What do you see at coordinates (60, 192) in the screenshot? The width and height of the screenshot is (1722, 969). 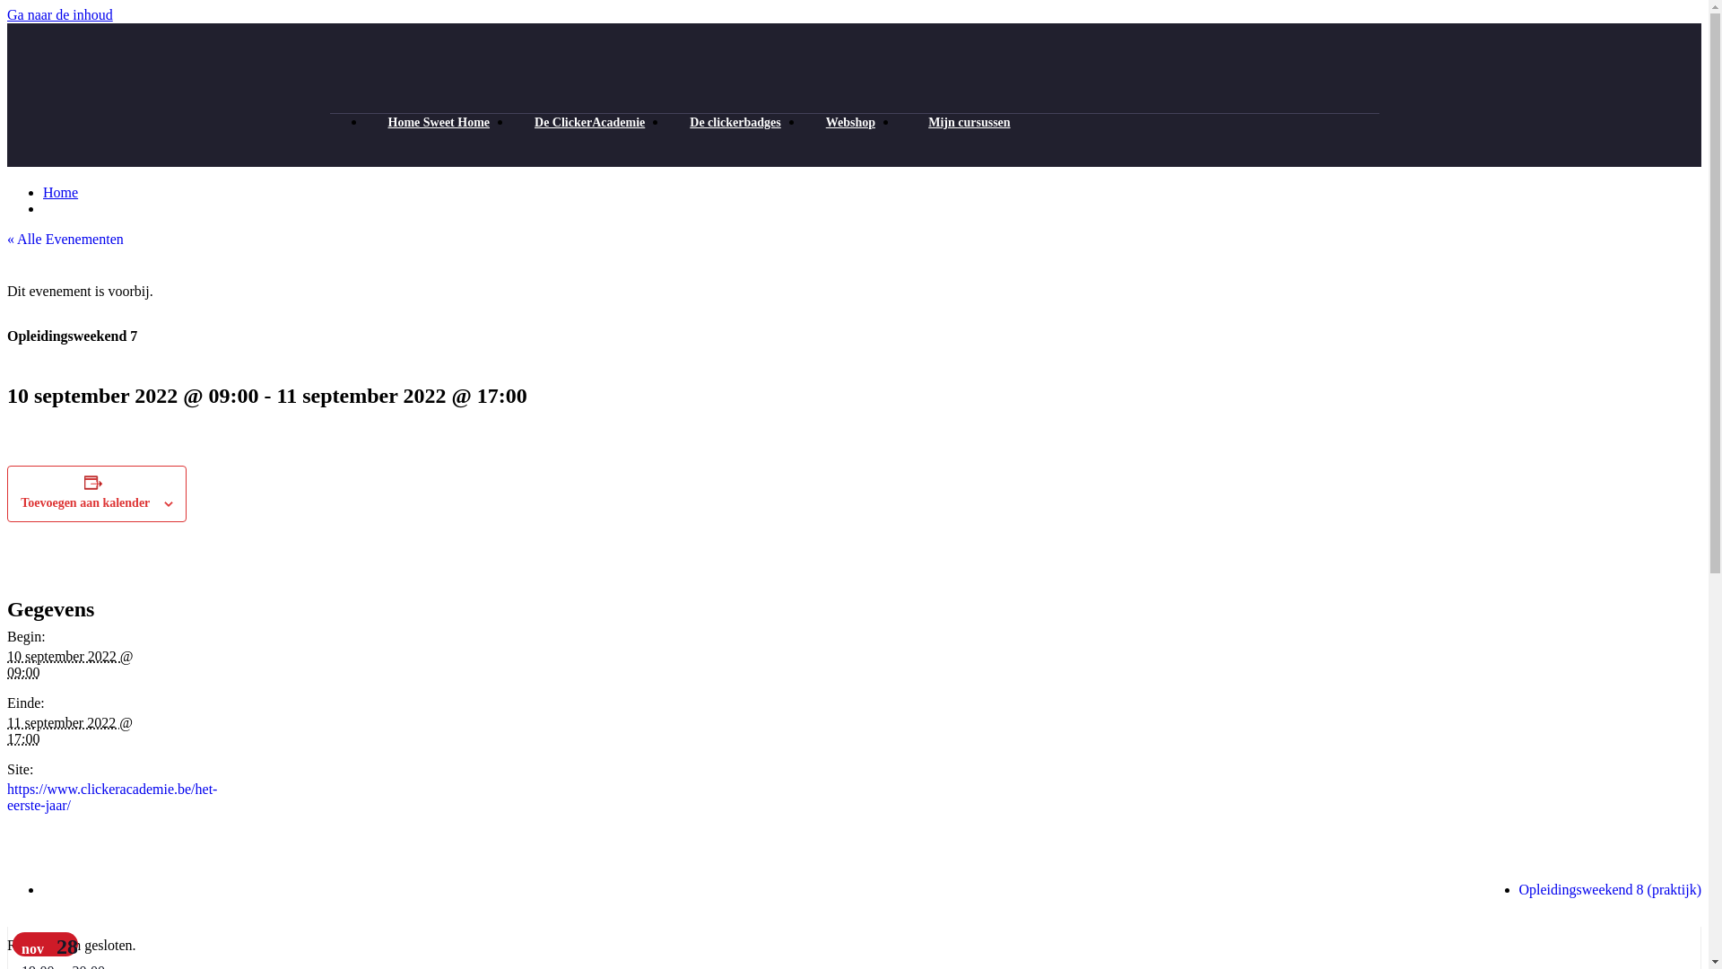 I see `'Home'` at bounding box center [60, 192].